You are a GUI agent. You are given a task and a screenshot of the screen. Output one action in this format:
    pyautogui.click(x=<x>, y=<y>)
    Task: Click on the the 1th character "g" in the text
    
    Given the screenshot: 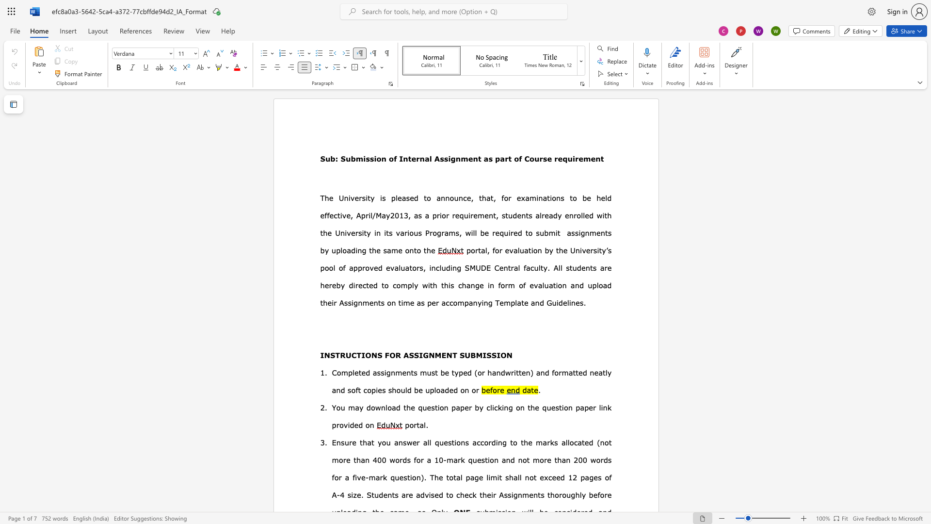 What is the action you would take?
    pyautogui.click(x=363, y=250)
    